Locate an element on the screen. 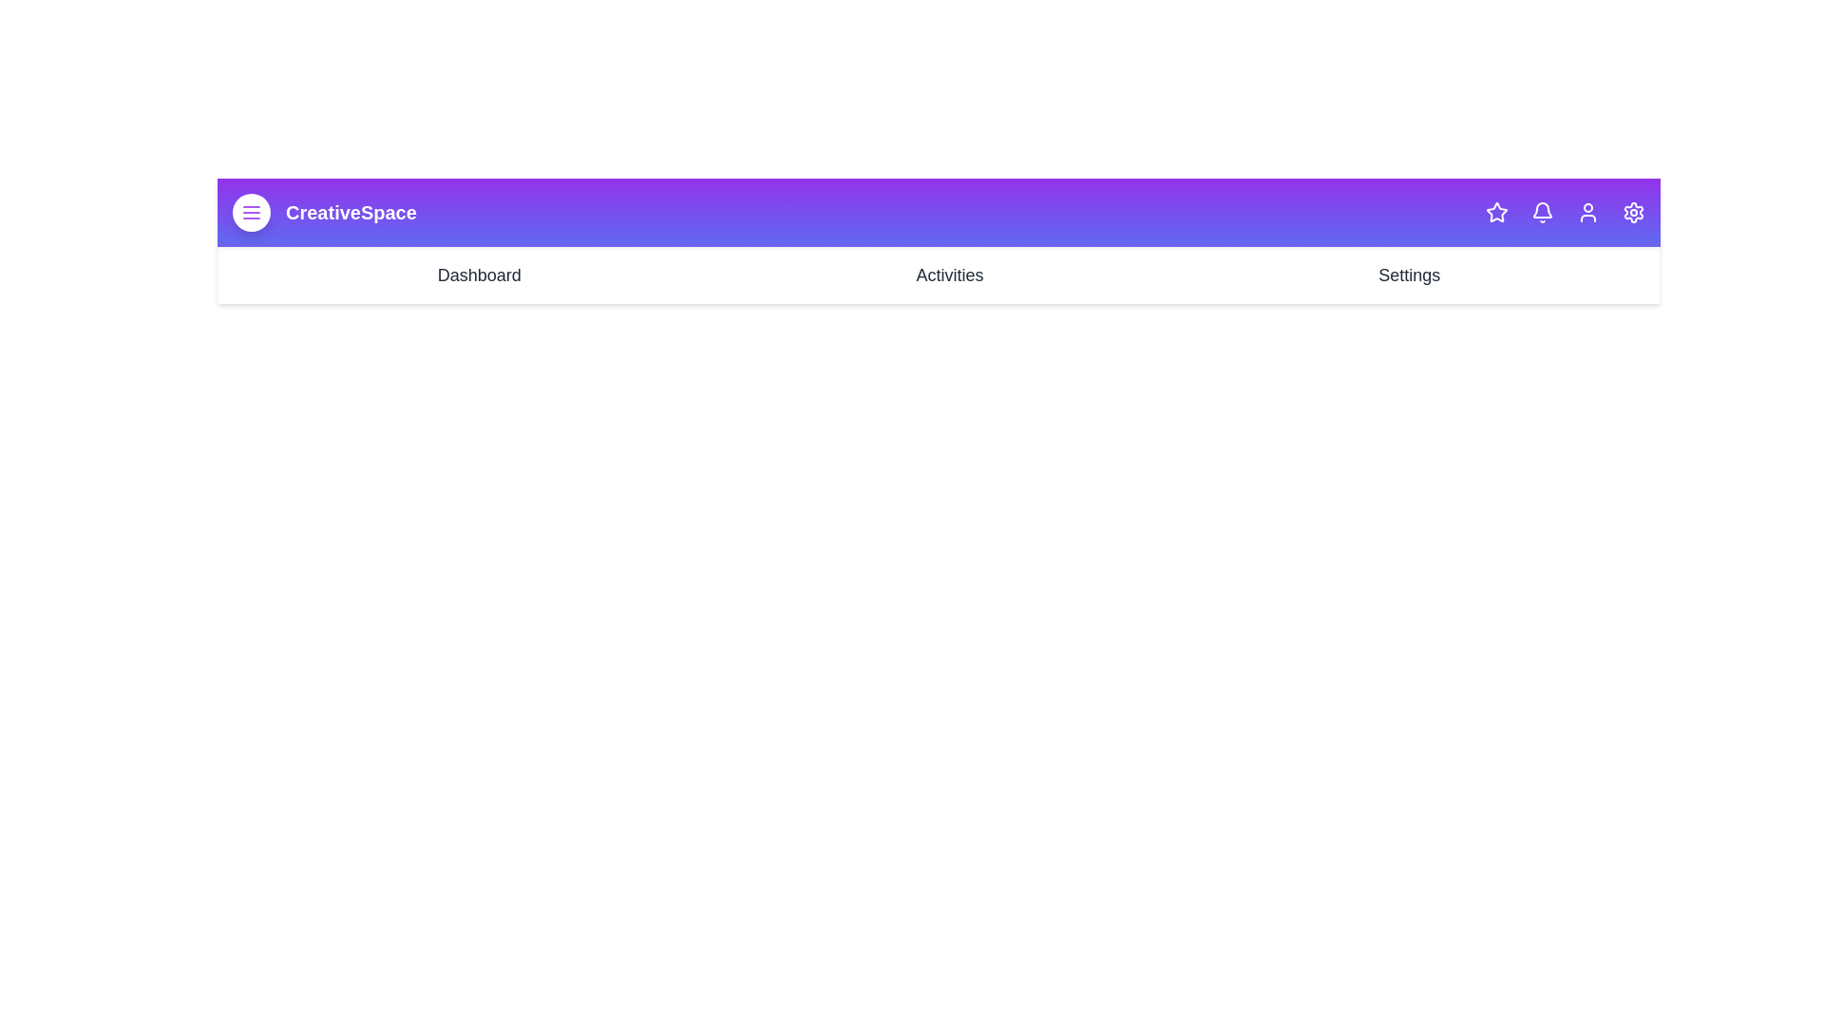  the user icon in the CreativeAppBar is located at coordinates (1587, 212).